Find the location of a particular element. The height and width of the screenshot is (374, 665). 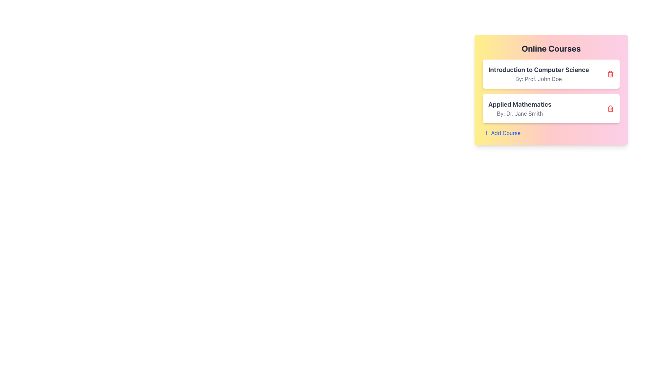

the second card titled 'Applied Mathematics' in the 'Online Courses' section is located at coordinates (551, 108).